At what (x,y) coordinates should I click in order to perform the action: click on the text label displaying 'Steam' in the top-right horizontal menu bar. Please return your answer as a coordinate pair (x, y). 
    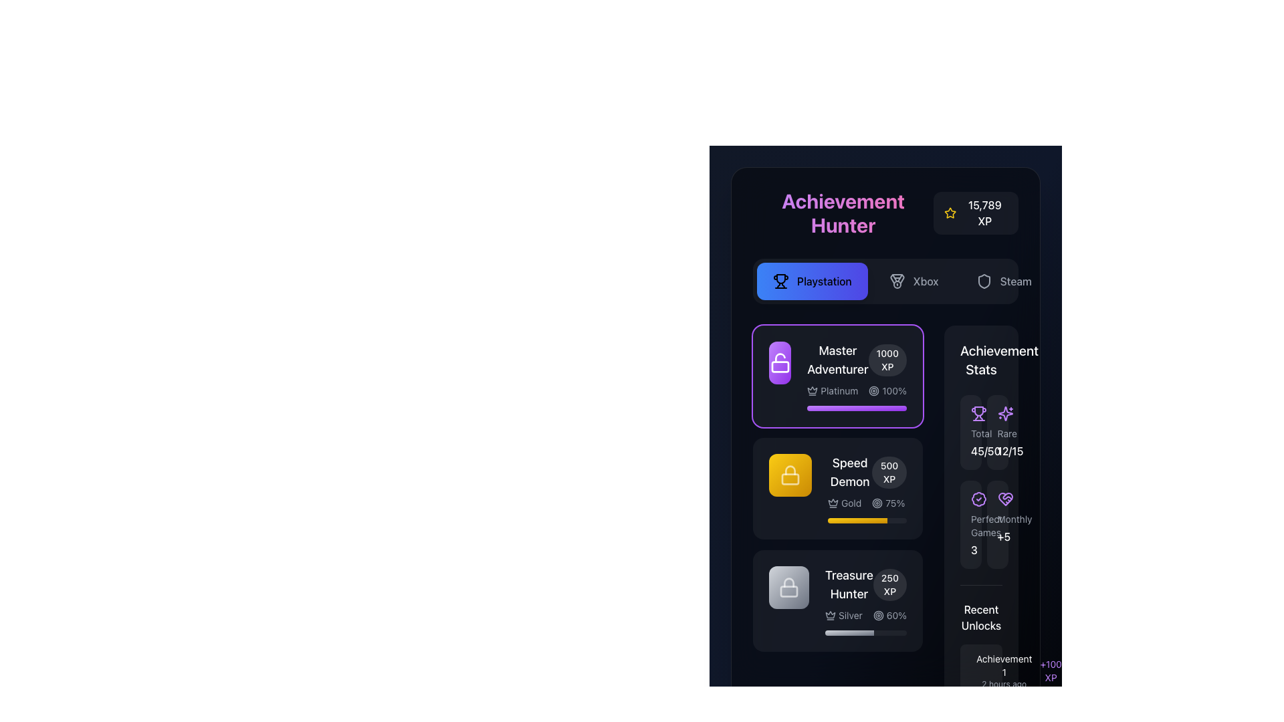
    Looking at the image, I should click on (1016, 280).